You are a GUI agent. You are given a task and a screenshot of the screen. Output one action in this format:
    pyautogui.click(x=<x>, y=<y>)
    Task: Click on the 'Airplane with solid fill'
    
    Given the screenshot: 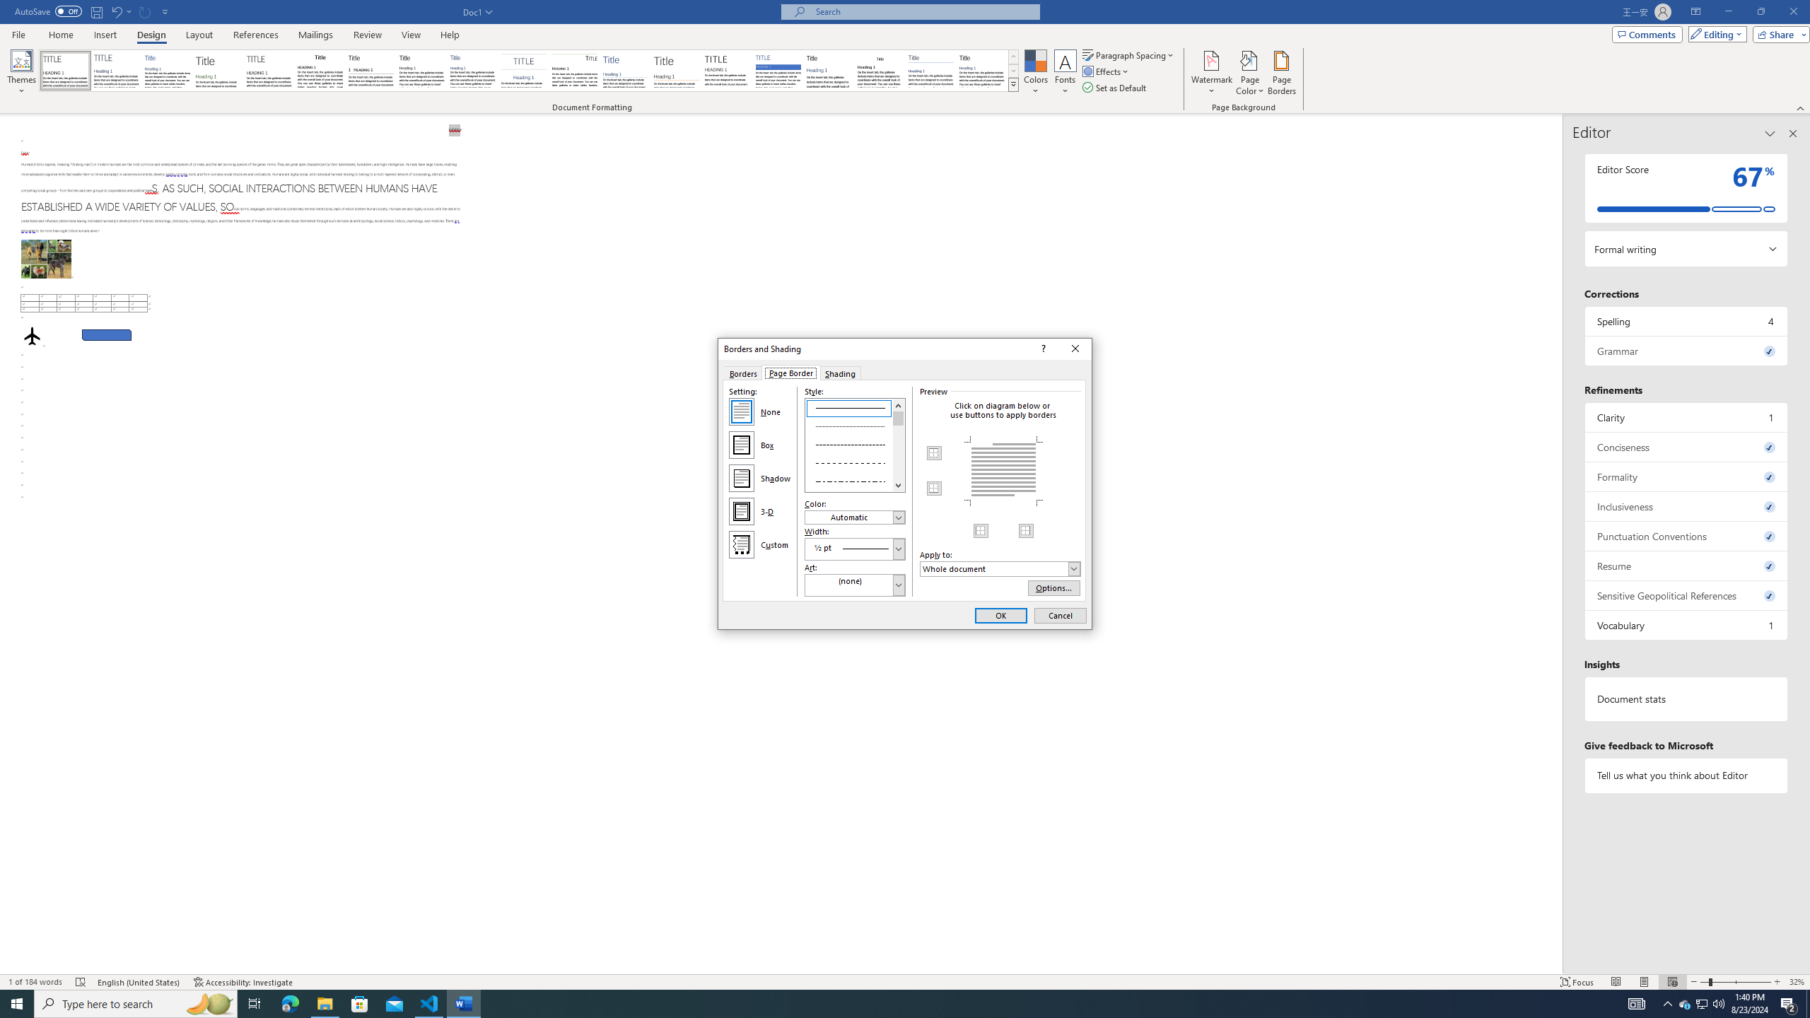 What is the action you would take?
    pyautogui.click(x=32, y=335)
    